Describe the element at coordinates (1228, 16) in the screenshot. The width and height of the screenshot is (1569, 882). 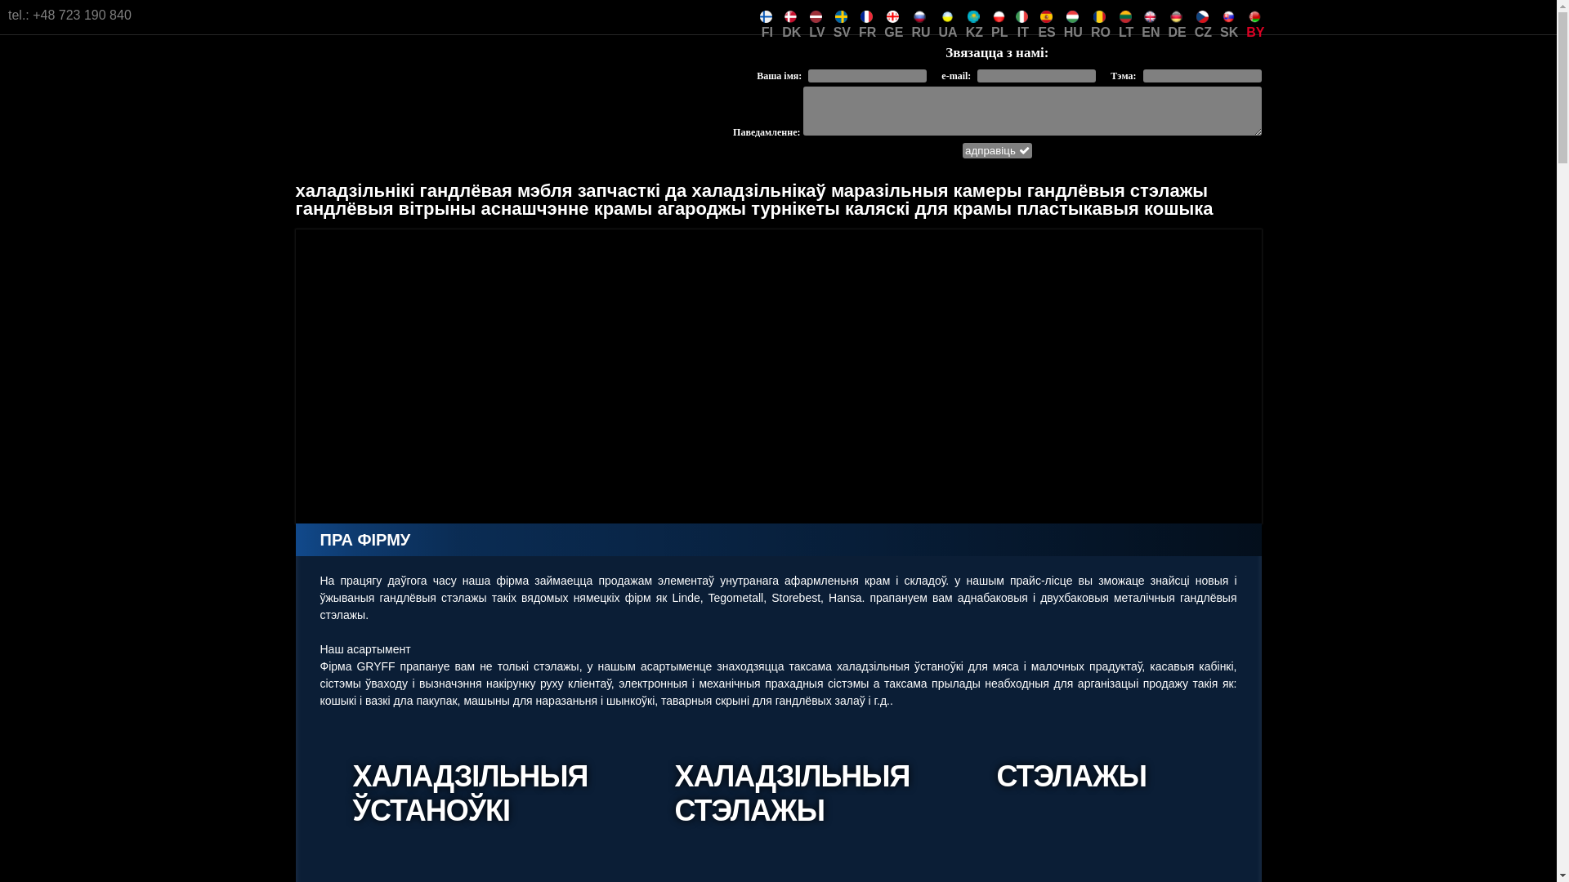
I see `'SK'` at that location.